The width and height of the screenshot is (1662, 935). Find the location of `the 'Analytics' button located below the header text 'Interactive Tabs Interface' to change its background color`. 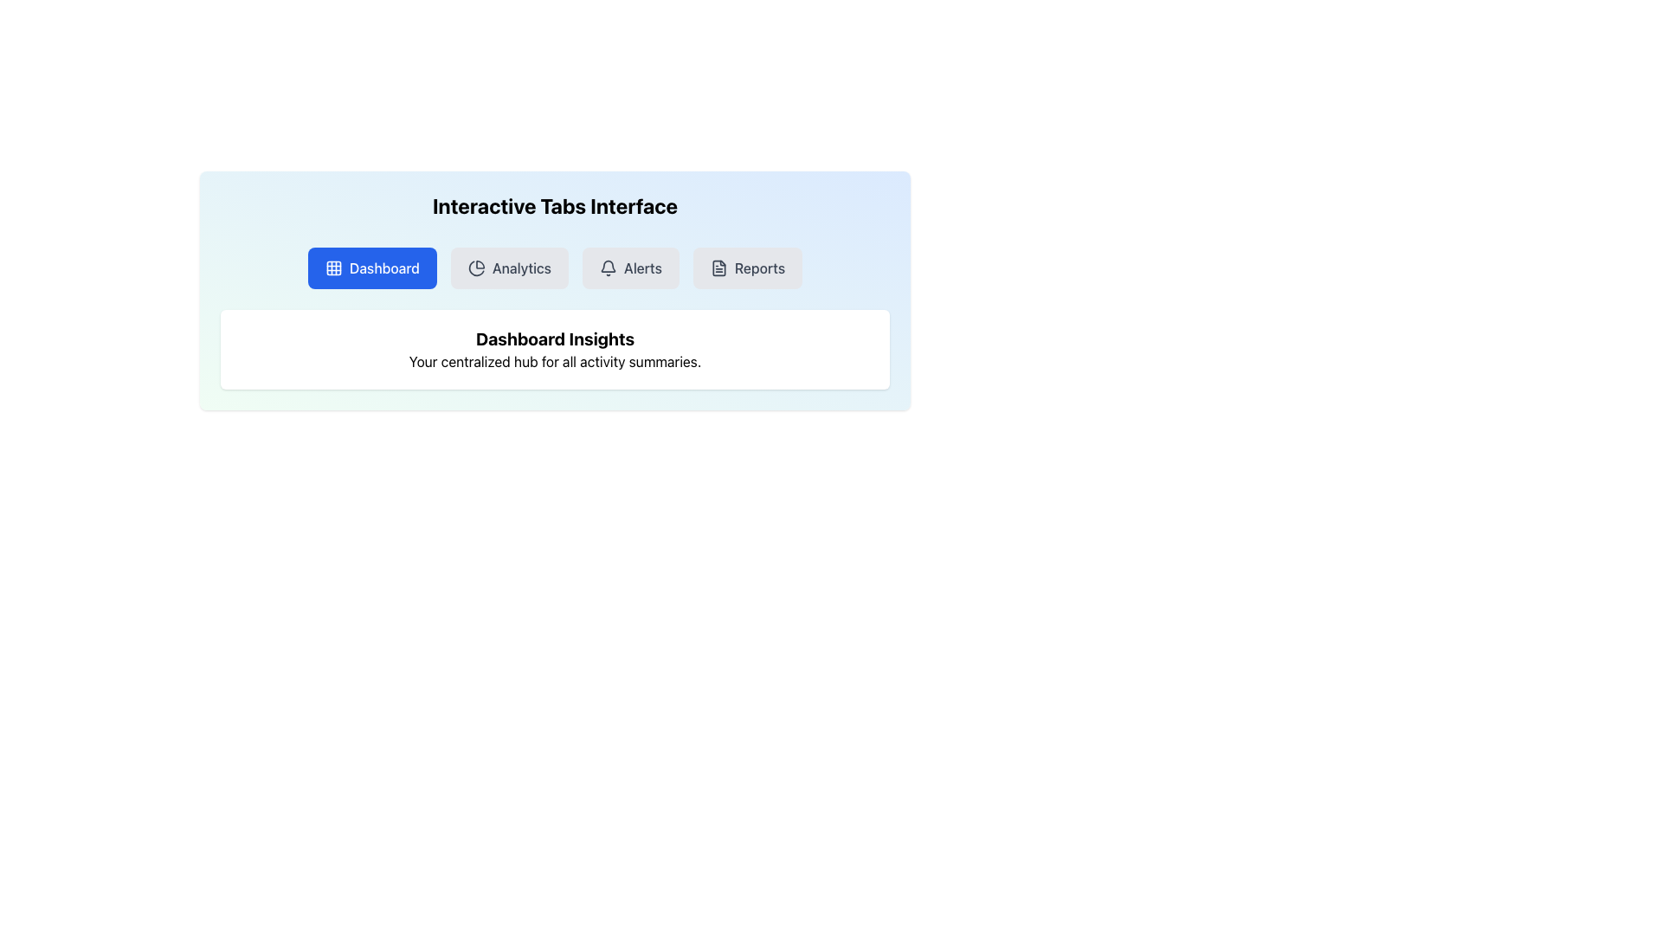

the 'Analytics' button located below the header text 'Interactive Tabs Interface' to change its background color is located at coordinates (509, 268).